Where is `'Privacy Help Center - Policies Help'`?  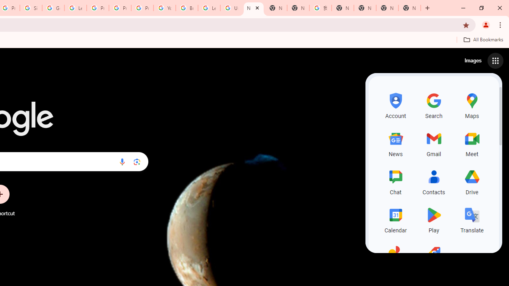
'Privacy Help Center - Policies Help' is located at coordinates (97, 8).